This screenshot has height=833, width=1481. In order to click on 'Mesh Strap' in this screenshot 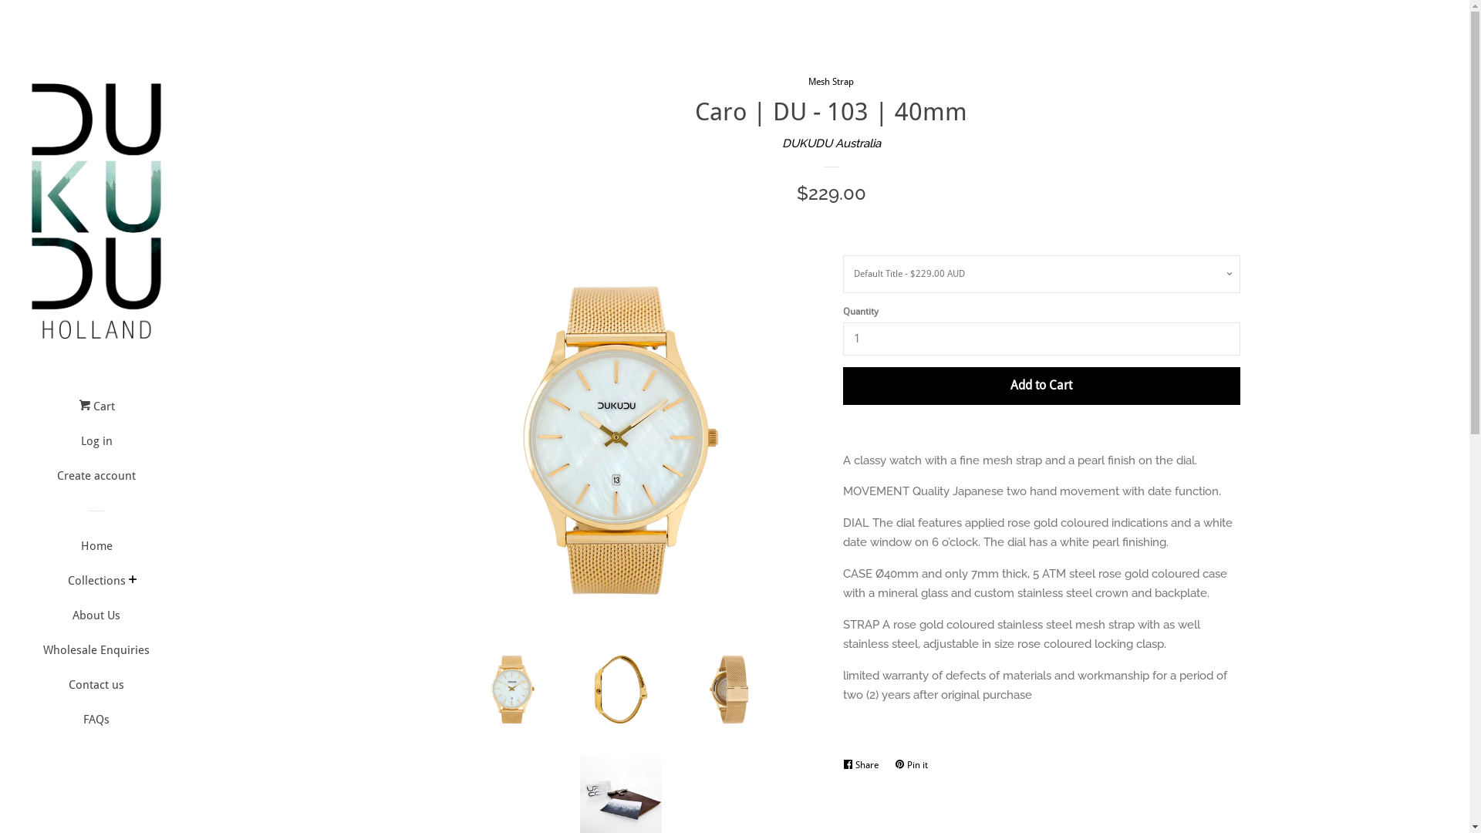, I will do `click(830, 81)`.